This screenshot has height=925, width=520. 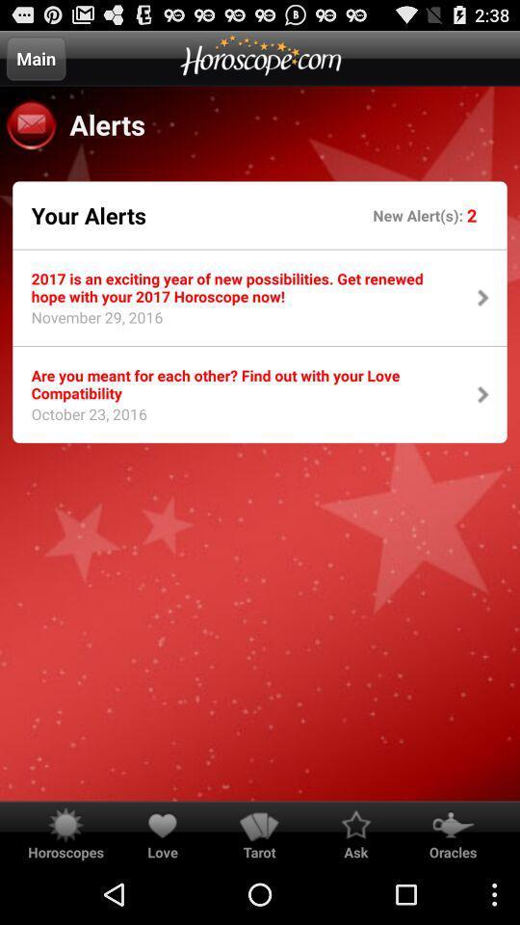 I want to click on the app below the your alerts app, so click(x=241, y=286).